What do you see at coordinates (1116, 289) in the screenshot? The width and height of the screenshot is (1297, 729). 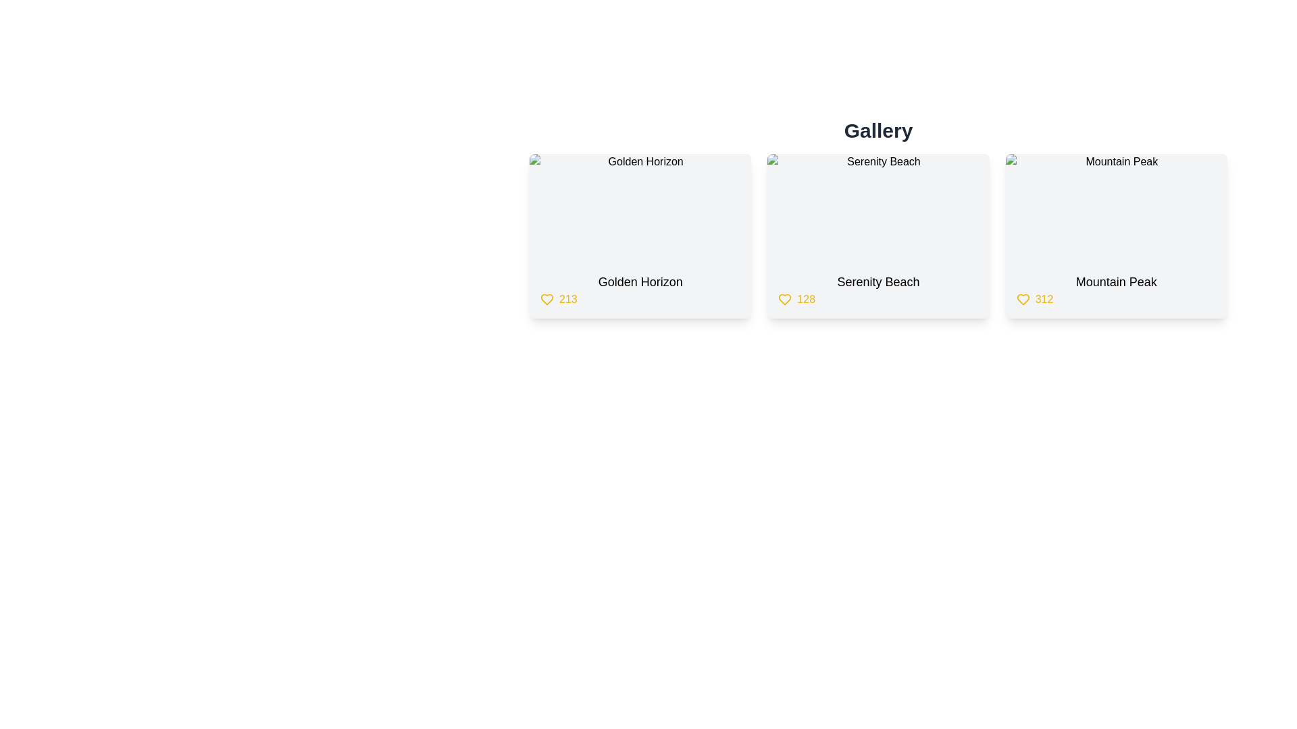 I see `the text block with the label 'Mountain Peak' and the number '312' located in the third column of the card section labeled 'Gallery'` at bounding box center [1116, 289].